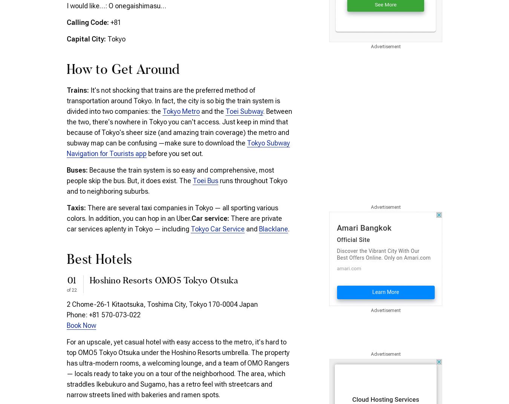 Image resolution: width=509 pixels, height=404 pixels. What do you see at coordinates (213, 110) in the screenshot?
I see `'and the'` at bounding box center [213, 110].